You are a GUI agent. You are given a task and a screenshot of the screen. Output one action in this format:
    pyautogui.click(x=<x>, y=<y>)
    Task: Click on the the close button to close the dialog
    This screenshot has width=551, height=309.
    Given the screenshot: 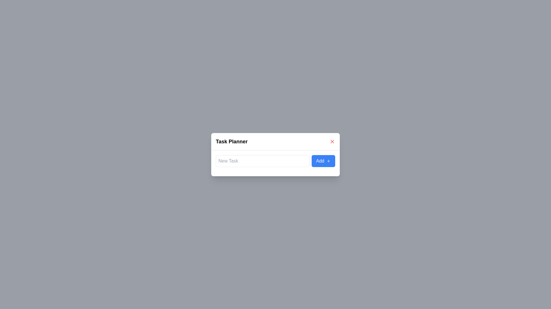 What is the action you would take?
    pyautogui.click(x=332, y=141)
    